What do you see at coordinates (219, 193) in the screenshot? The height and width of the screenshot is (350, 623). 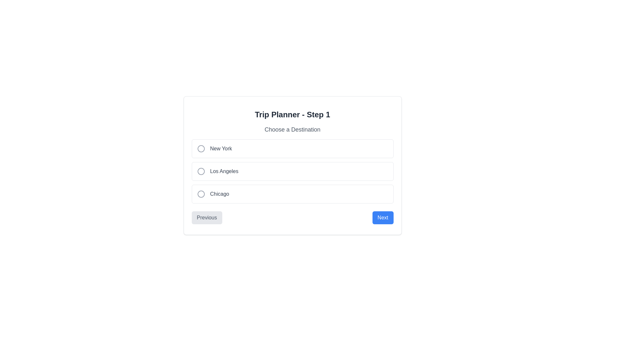 I see `the static text that labels the 'Chicago' radio button option in the form, located to the right of the circular icon` at bounding box center [219, 193].